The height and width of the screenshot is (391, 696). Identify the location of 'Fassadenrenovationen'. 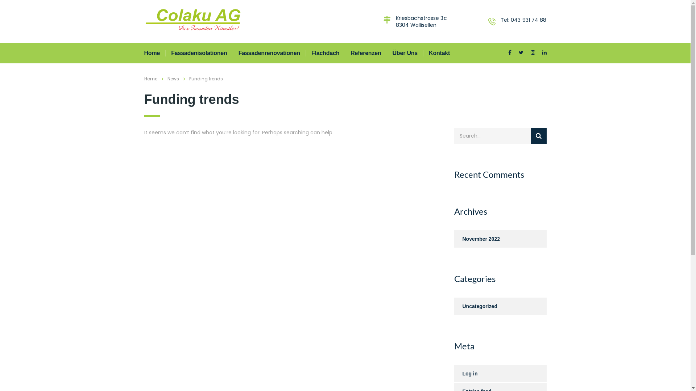
(233, 52).